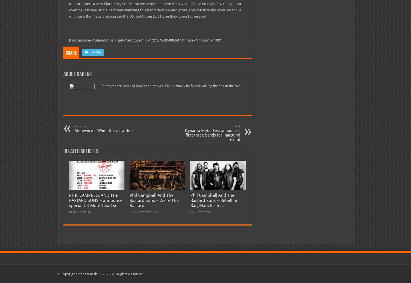 This screenshot has height=283, width=411. Describe the element at coordinates (214, 200) in the screenshot. I see `'Phil Campbell And The Bastard Sons – Rebellion Bar, Manchester.'` at that location.